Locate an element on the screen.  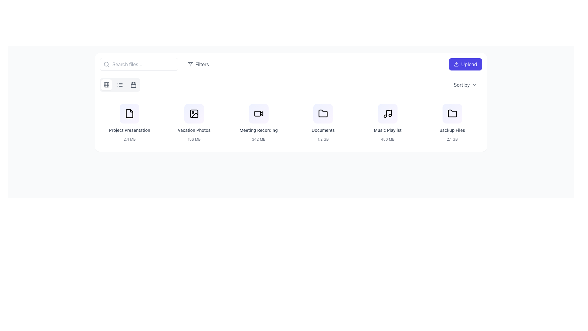
the static text label that displays the size of the file located directly below 'Meeting Recording' in the third file card is located at coordinates (258, 139).